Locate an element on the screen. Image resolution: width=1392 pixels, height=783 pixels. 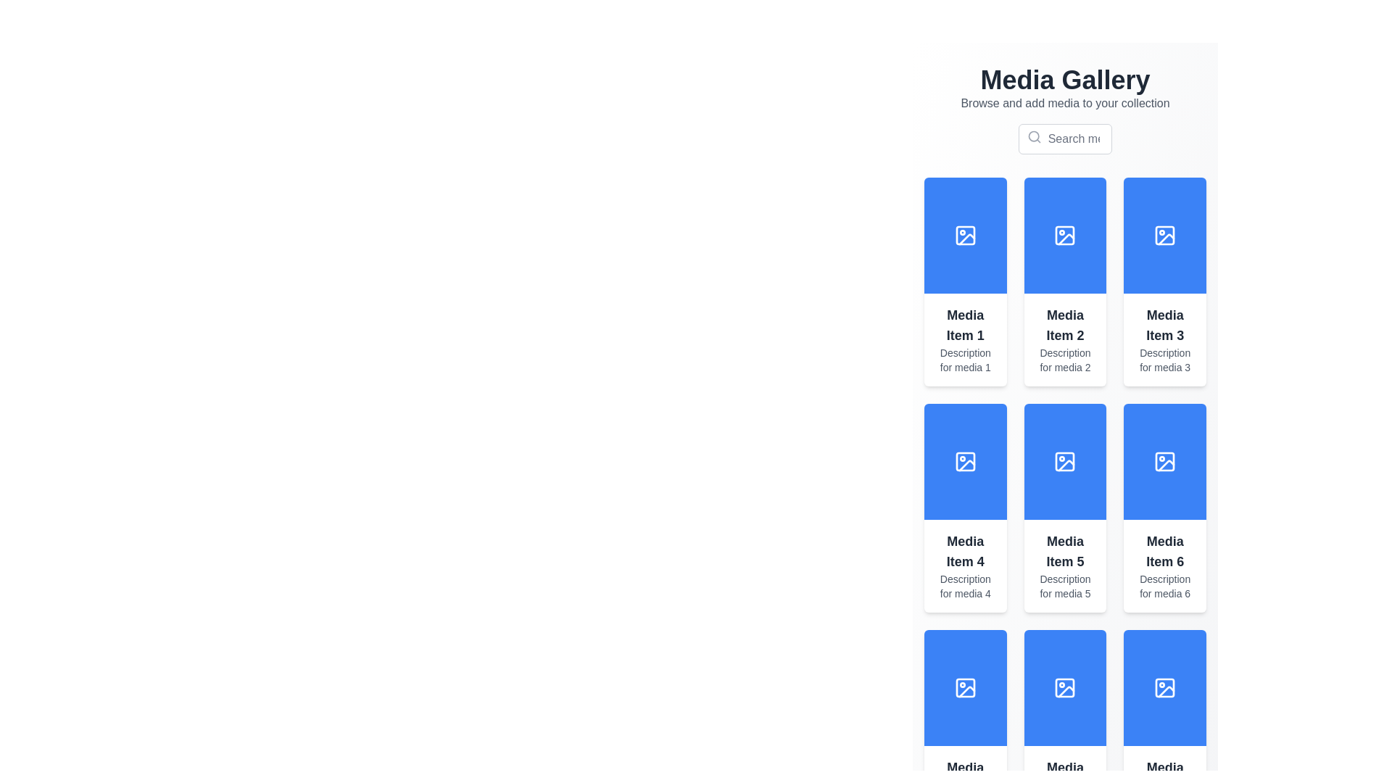
text content from the text block titled 'Media Item 3' which contains a description 'Description for media 3', centrally aligned within its card component is located at coordinates (1165, 340).